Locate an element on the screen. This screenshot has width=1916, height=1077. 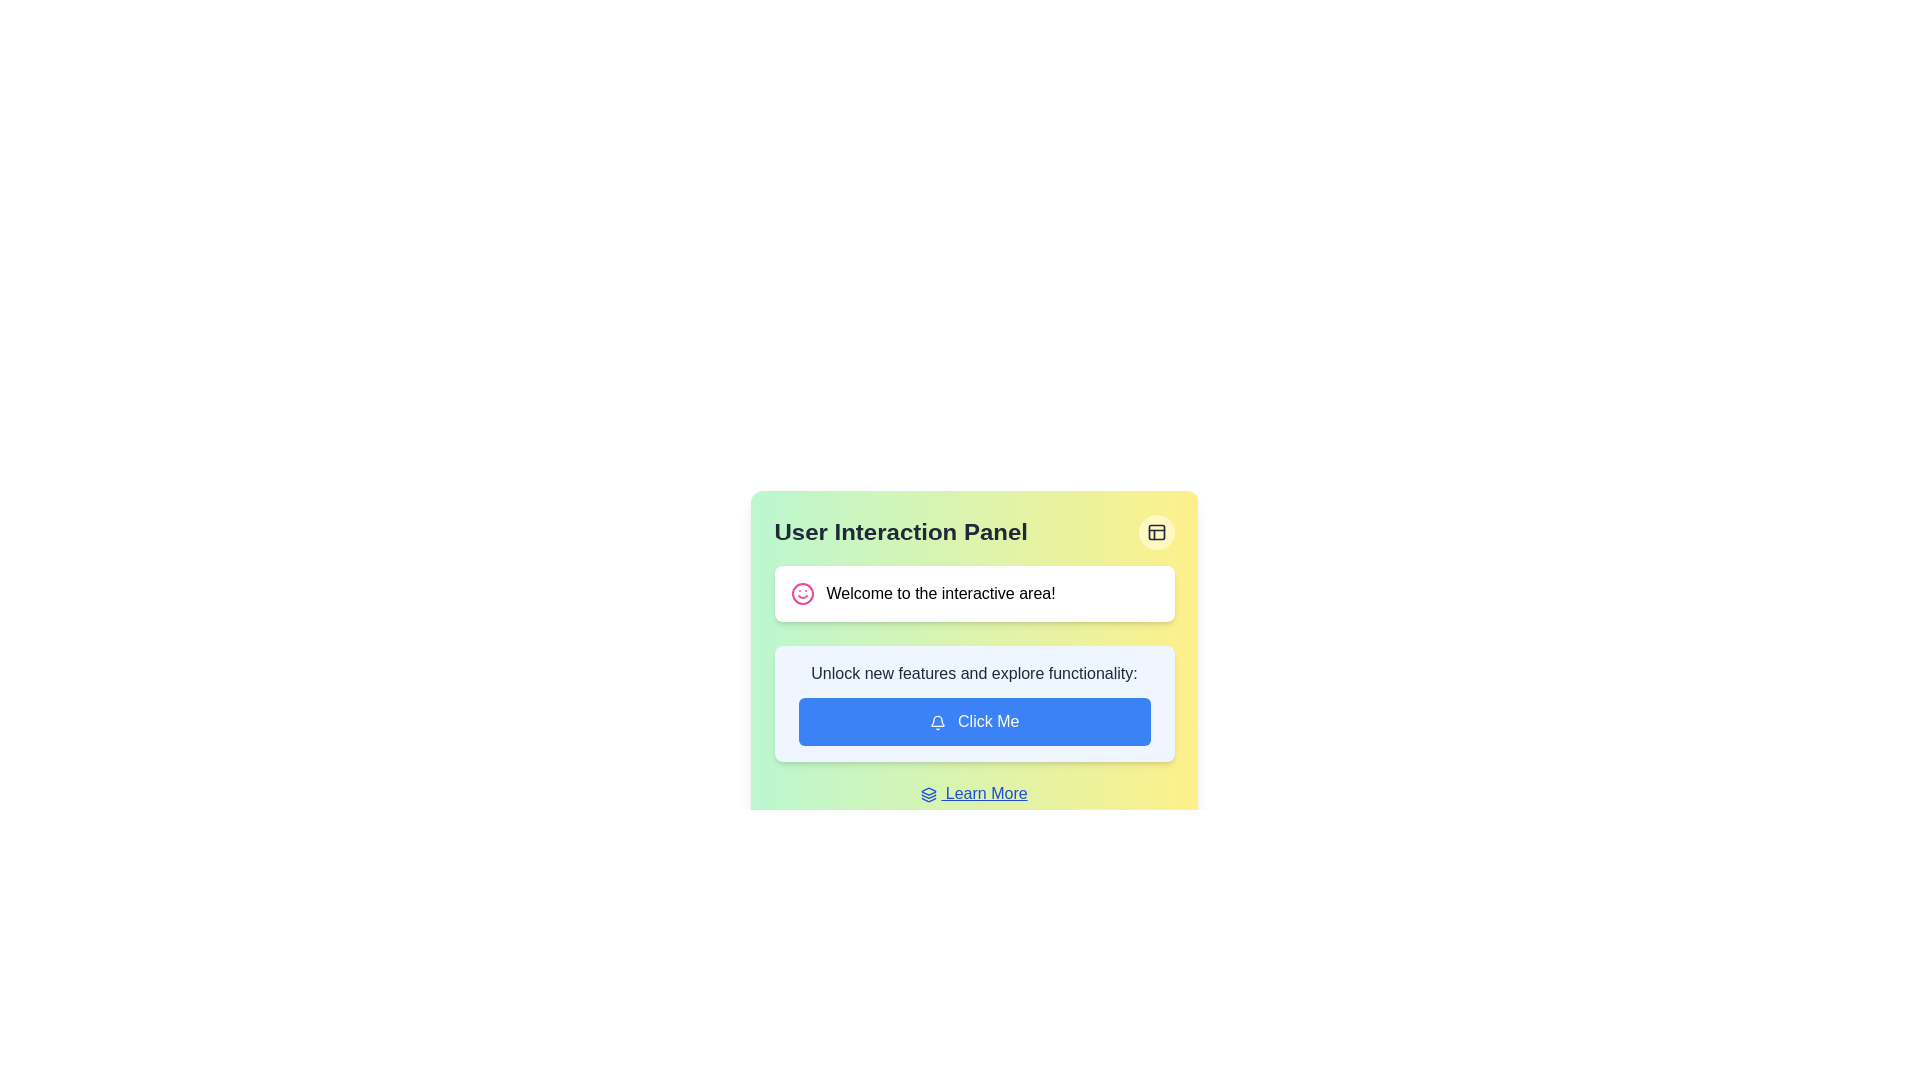
the SVG rectangle with rounded corners located in the top-left corner of the icon in the top-right corner of the user interaction panel is located at coordinates (1156, 531).